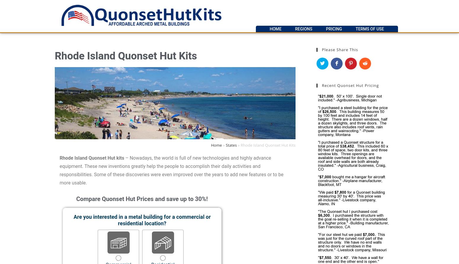 The image size is (459, 264). I want to click on 'Compare Quonset Hut Prices and save up to 30%!', so click(141, 198).